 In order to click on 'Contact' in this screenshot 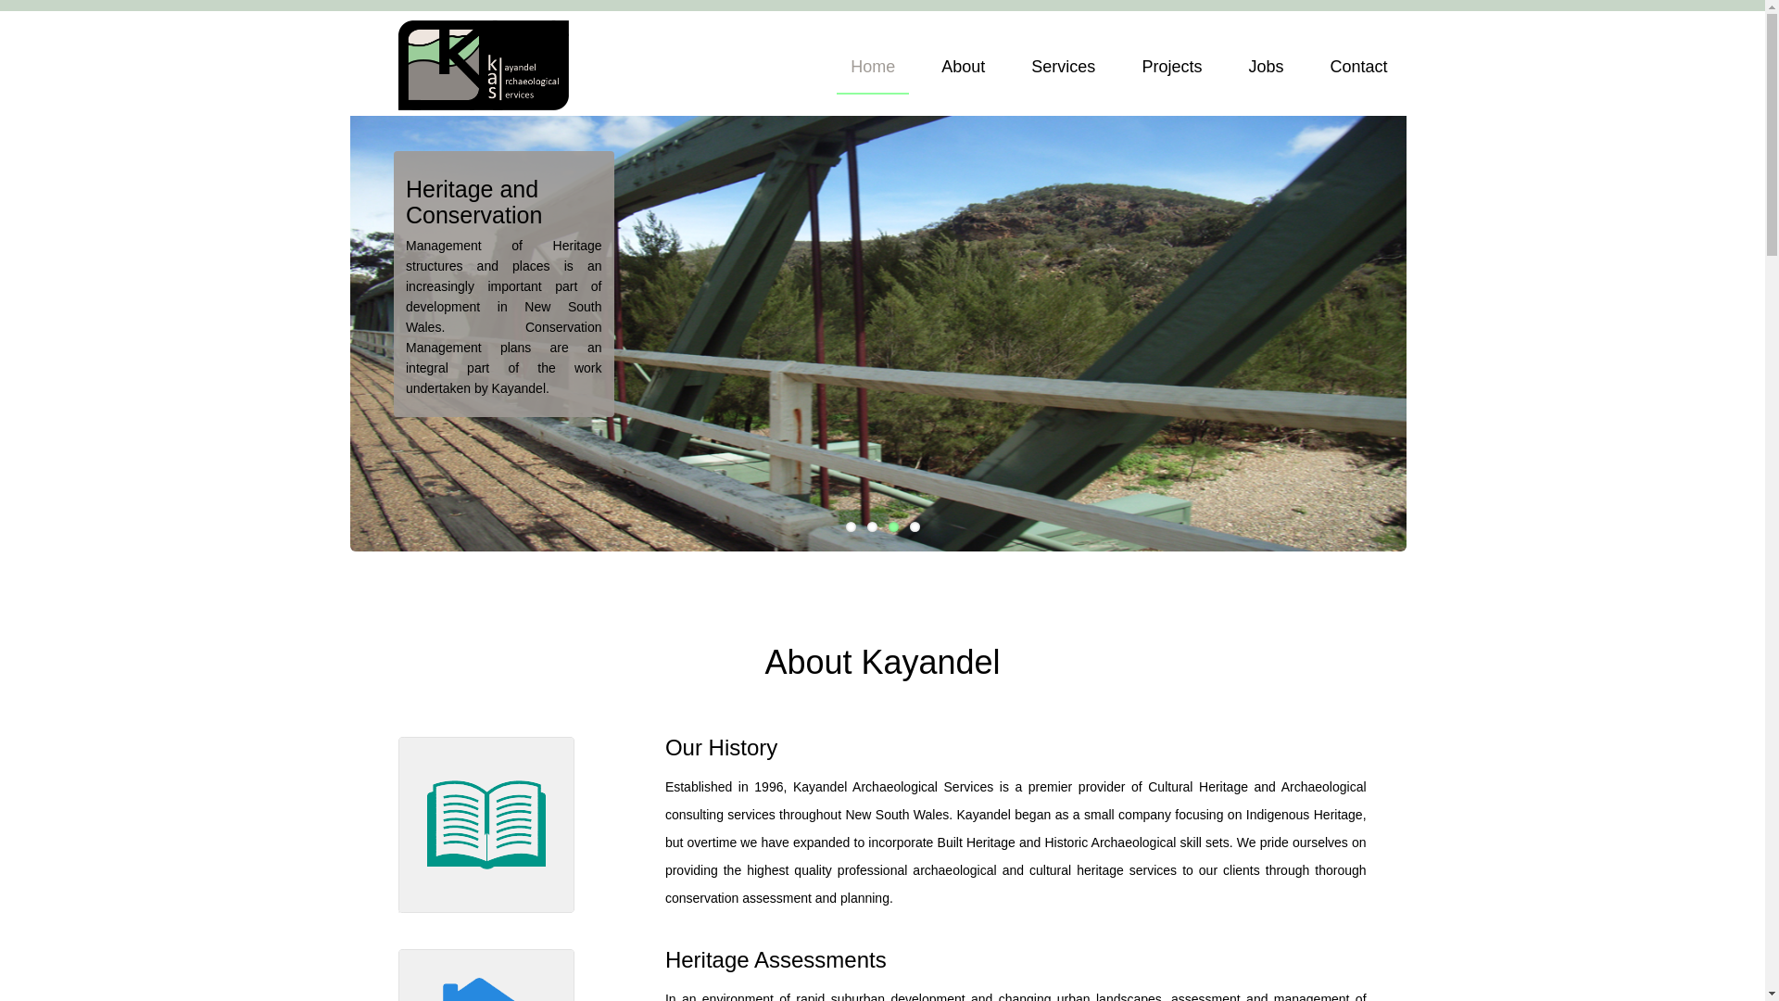, I will do `click(1357, 70)`.